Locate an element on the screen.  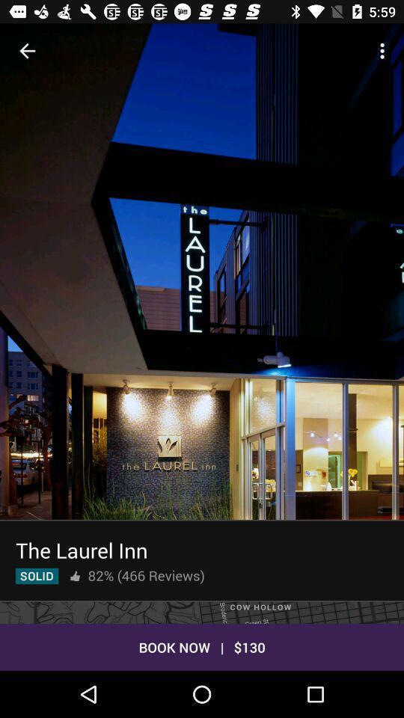
item next to 82% (466 reviews) icon is located at coordinates (74, 575).